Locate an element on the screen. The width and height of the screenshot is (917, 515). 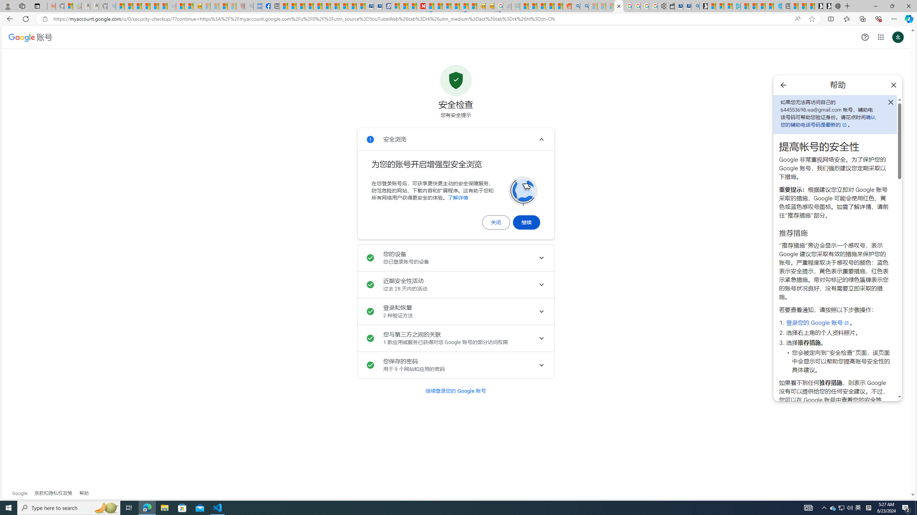
'14 Common Myths Debunked By Scientific Facts' is located at coordinates (438, 6).